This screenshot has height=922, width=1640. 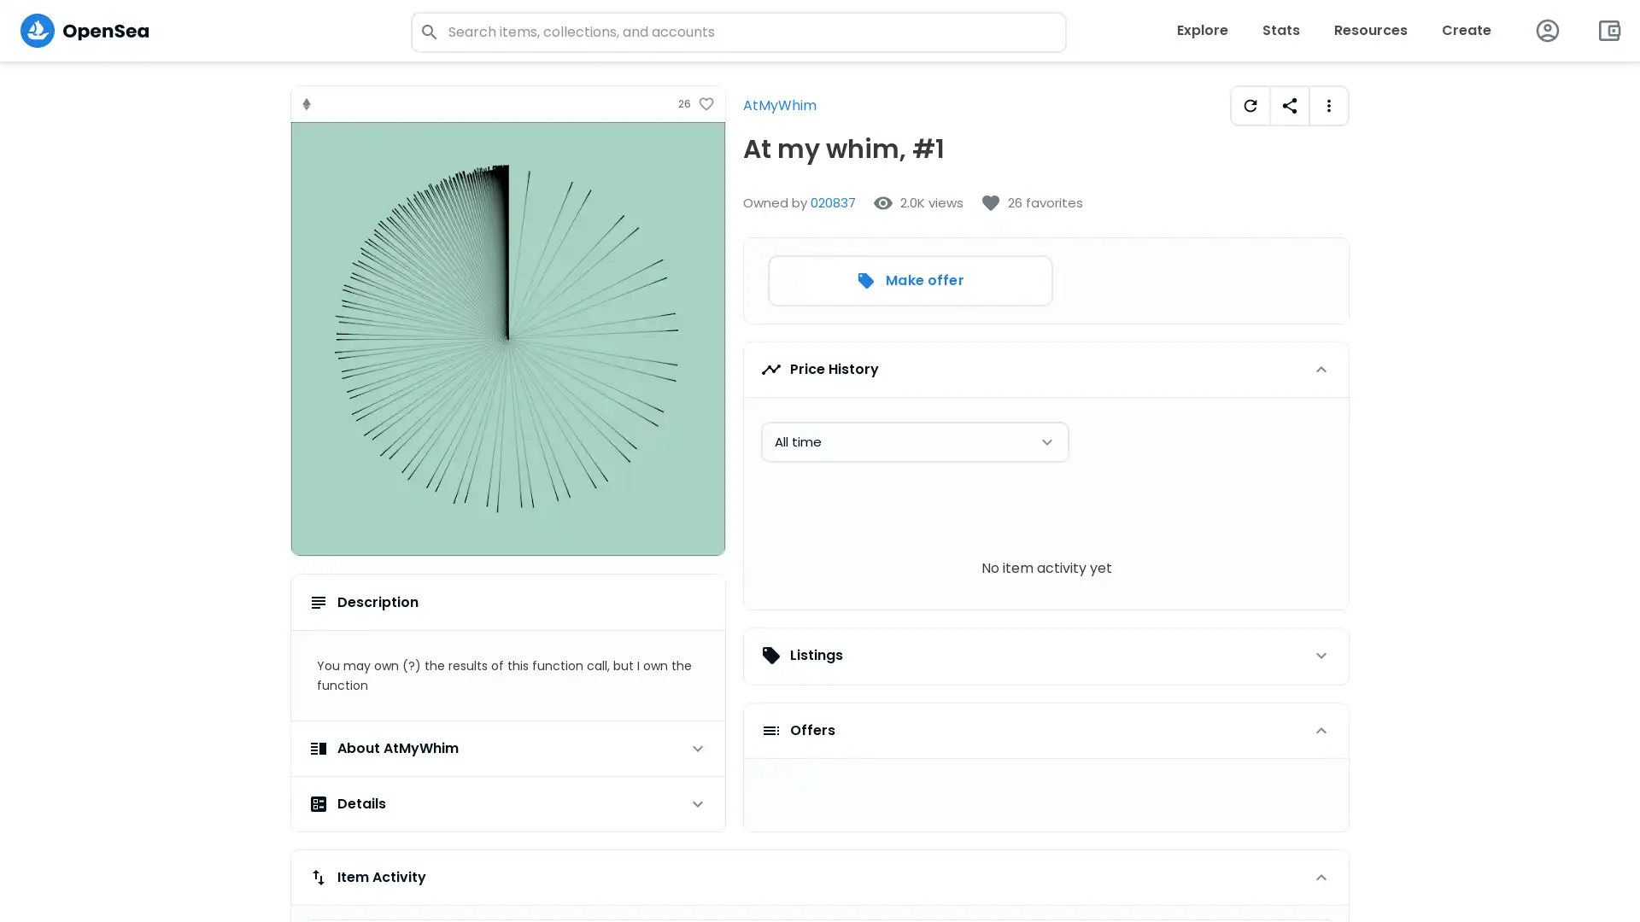 I want to click on About AtMyWhim, so click(x=507, y=747).